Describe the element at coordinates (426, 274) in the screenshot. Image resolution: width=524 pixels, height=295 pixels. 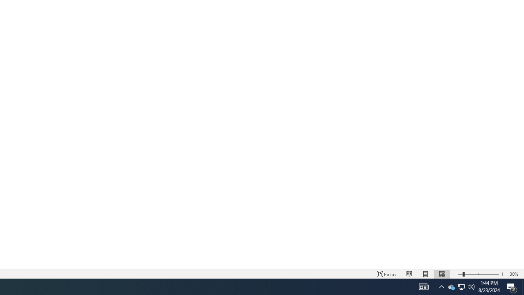
I see `'Print Layout'` at that location.